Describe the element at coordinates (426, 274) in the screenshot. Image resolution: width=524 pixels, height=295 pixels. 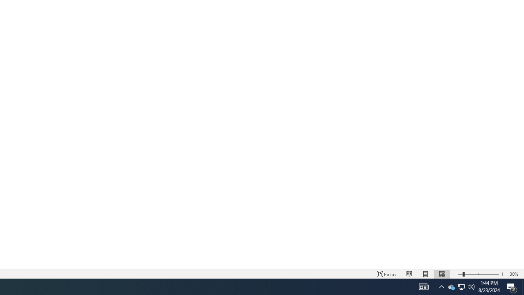
I see `'Print Layout'` at that location.